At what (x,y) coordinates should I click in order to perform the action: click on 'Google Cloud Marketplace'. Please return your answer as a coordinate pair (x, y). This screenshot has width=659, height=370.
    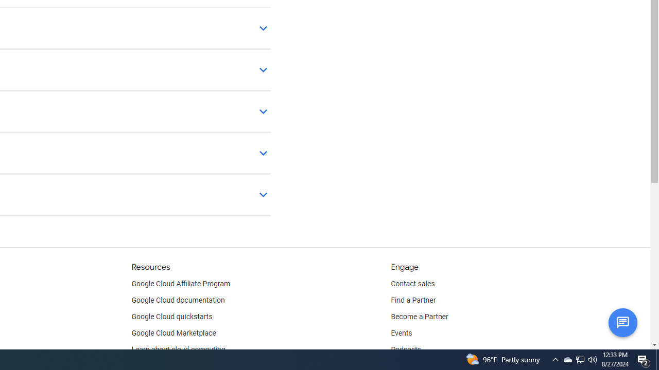
    Looking at the image, I should click on (174, 334).